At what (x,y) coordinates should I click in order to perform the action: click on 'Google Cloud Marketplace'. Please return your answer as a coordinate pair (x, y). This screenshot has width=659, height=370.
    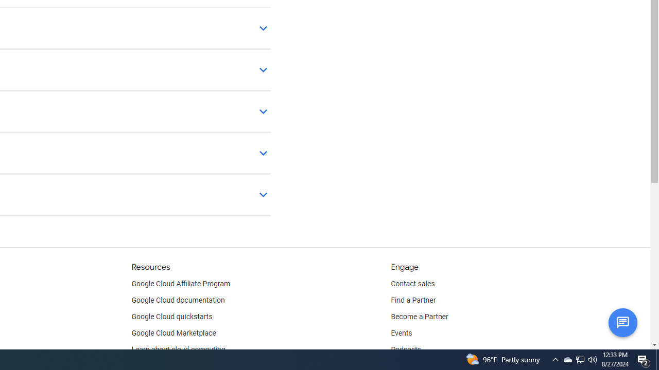
    Looking at the image, I should click on (174, 334).